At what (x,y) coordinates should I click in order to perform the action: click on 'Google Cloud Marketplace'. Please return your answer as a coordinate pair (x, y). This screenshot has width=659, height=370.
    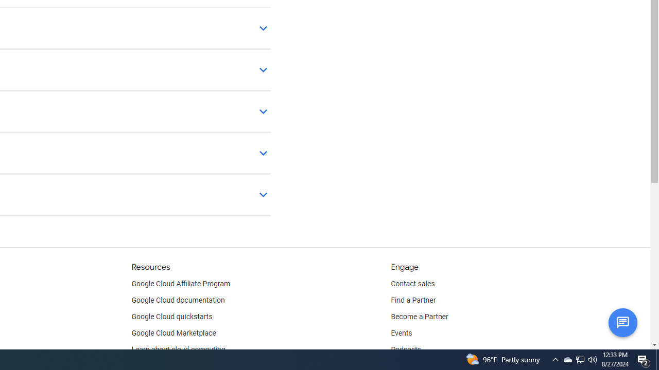
    Looking at the image, I should click on (174, 334).